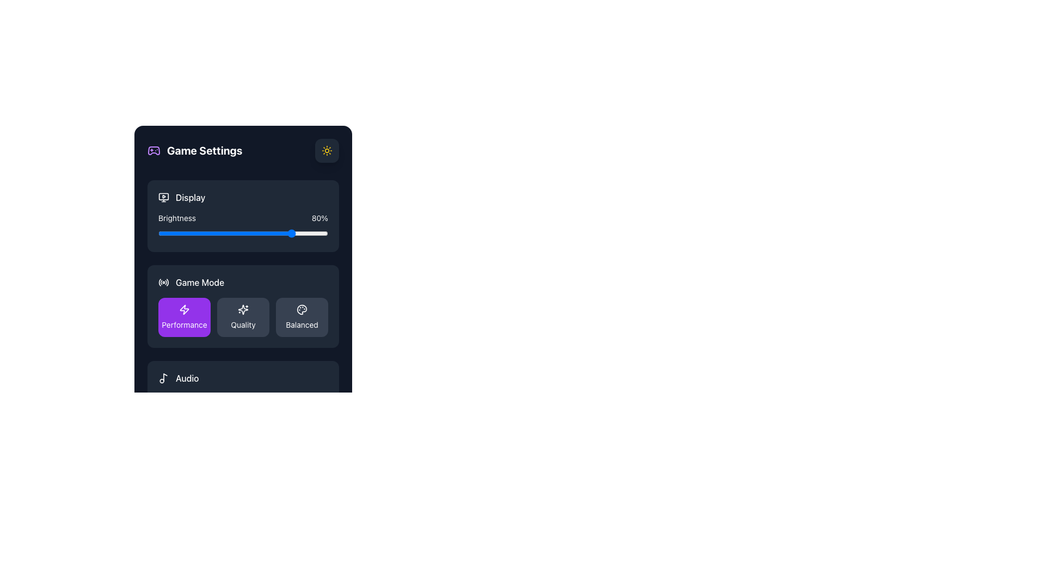 The height and width of the screenshot is (588, 1045). What do you see at coordinates (182, 232) in the screenshot?
I see `brightness` at bounding box center [182, 232].